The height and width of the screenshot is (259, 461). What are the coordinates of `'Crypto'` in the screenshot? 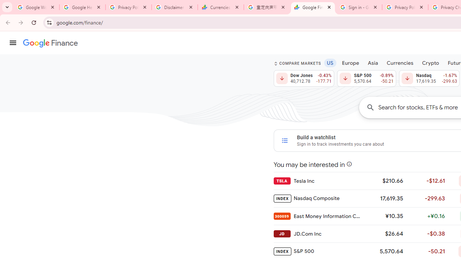 It's located at (430, 62).